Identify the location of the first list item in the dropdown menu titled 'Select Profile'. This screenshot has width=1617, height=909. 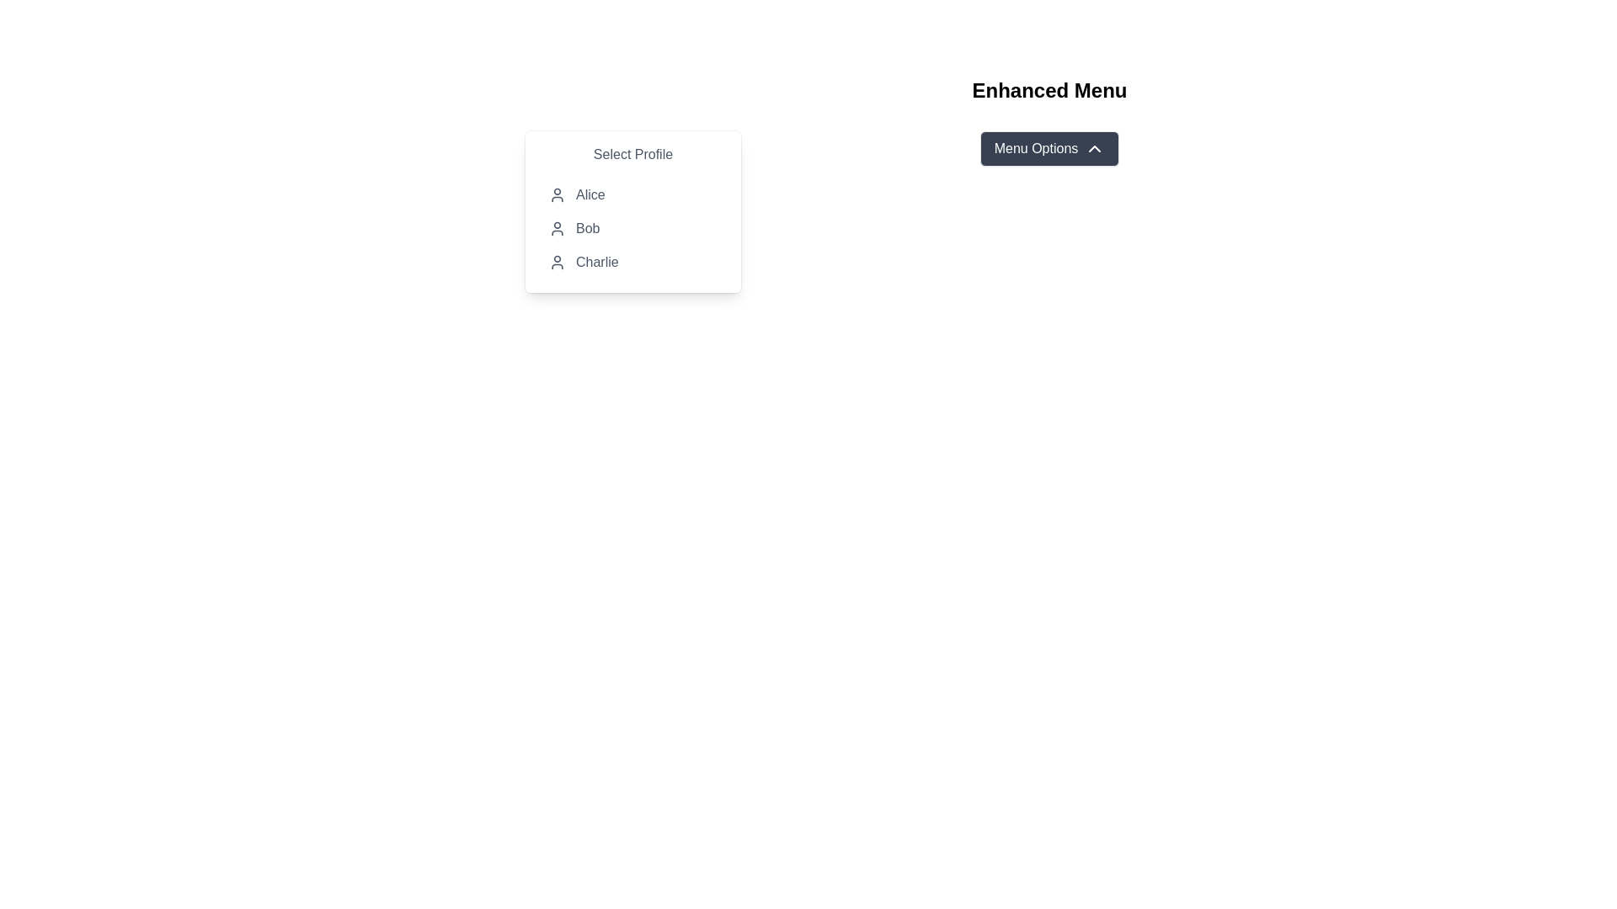
(575, 194).